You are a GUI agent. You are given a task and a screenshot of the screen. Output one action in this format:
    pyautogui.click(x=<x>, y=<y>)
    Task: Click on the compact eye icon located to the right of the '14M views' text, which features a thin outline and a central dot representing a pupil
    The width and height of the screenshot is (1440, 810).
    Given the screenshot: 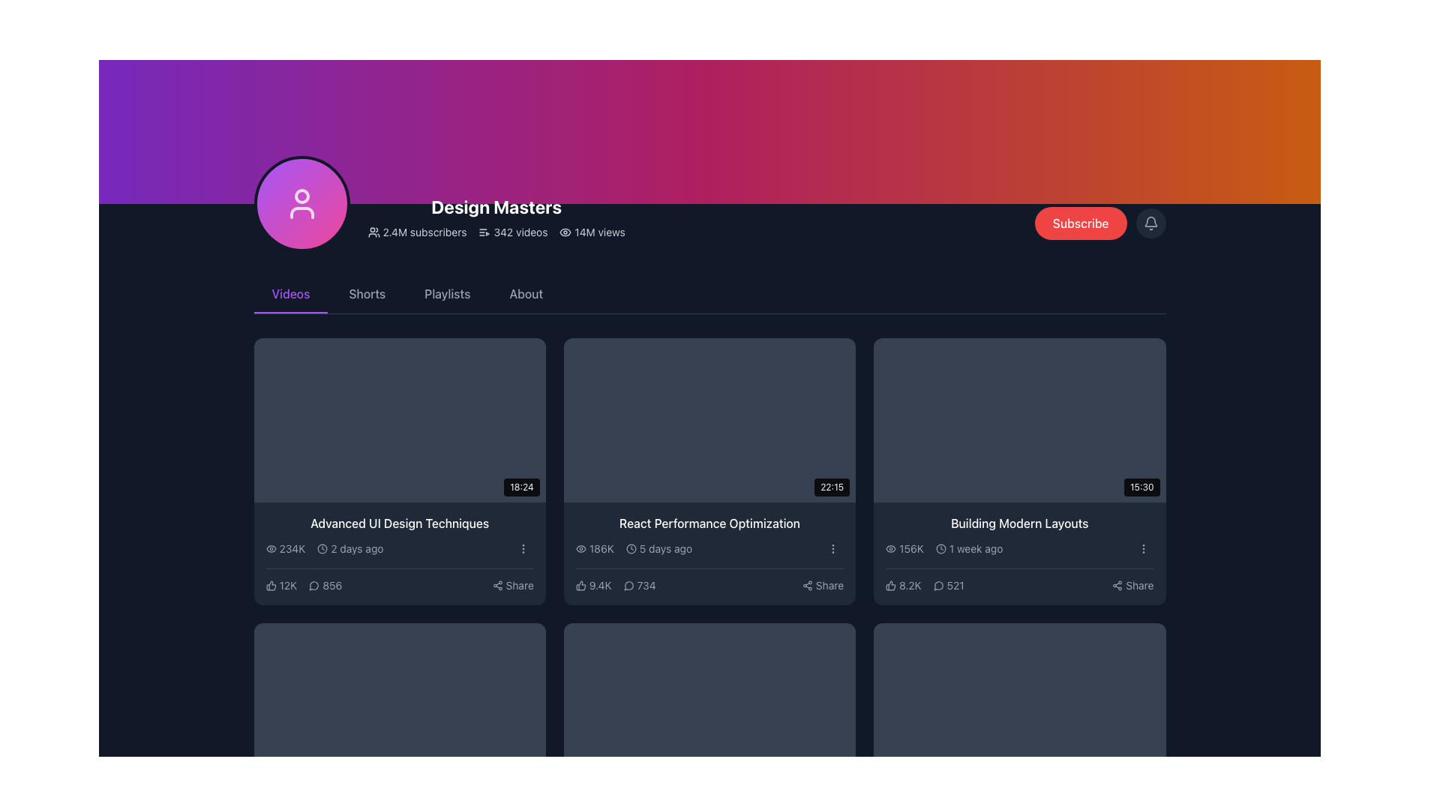 What is the action you would take?
    pyautogui.click(x=565, y=232)
    